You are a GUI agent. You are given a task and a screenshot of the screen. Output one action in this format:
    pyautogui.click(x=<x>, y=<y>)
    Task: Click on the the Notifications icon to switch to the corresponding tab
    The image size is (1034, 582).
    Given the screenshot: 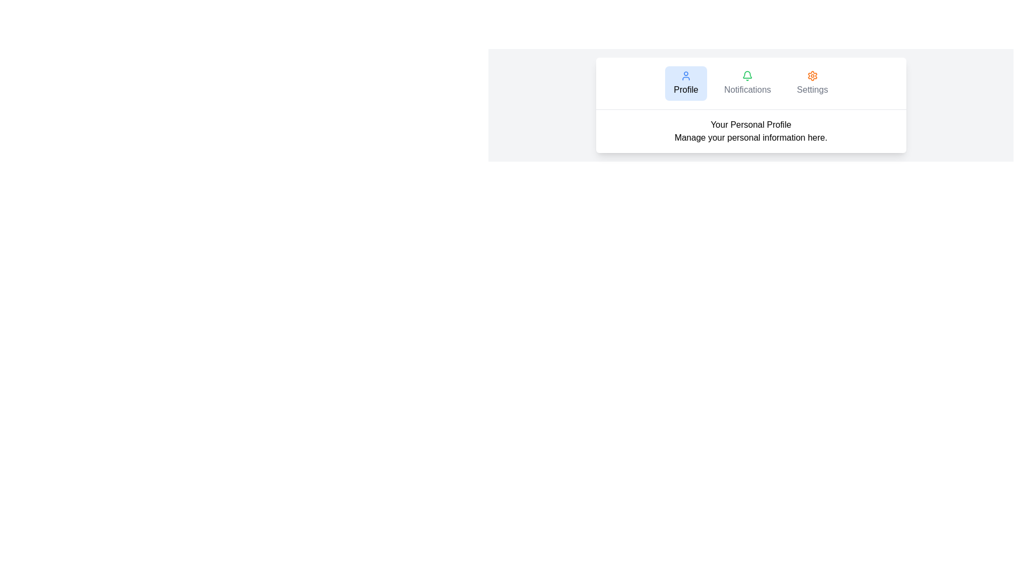 What is the action you would take?
    pyautogui.click(x=746, y=75)
    